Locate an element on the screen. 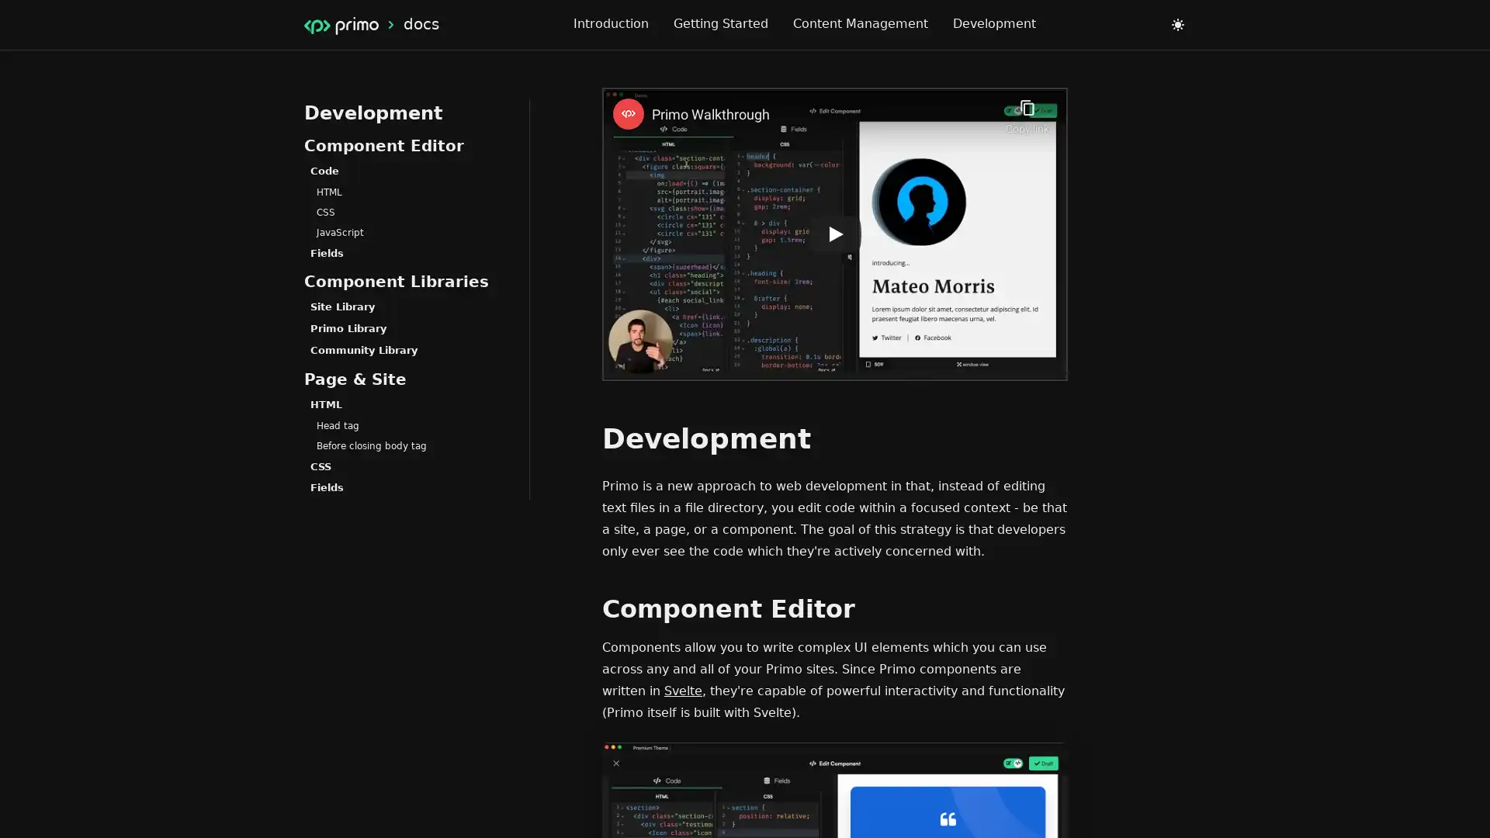 The width and height of the screenshot is (1490, 838). Toggle dark mode is located at coordinates (1177, 24).